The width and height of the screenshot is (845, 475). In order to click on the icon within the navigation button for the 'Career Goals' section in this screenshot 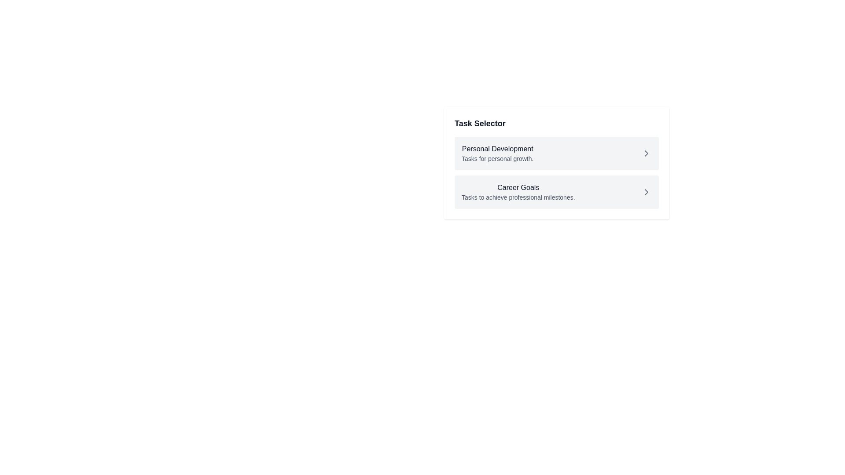, I will do `click(646, 191)`.